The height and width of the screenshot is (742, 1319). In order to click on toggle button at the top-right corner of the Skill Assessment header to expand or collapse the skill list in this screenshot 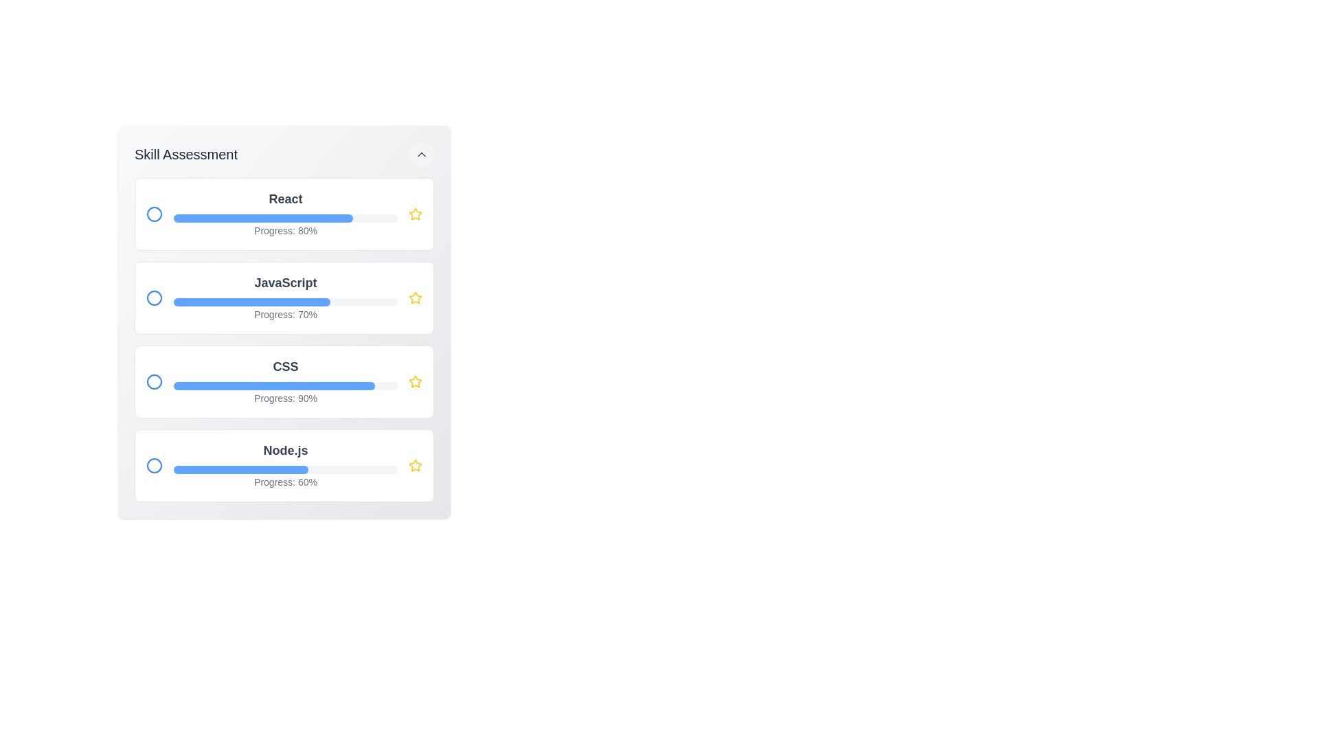, I will do `click(421, 154)`.